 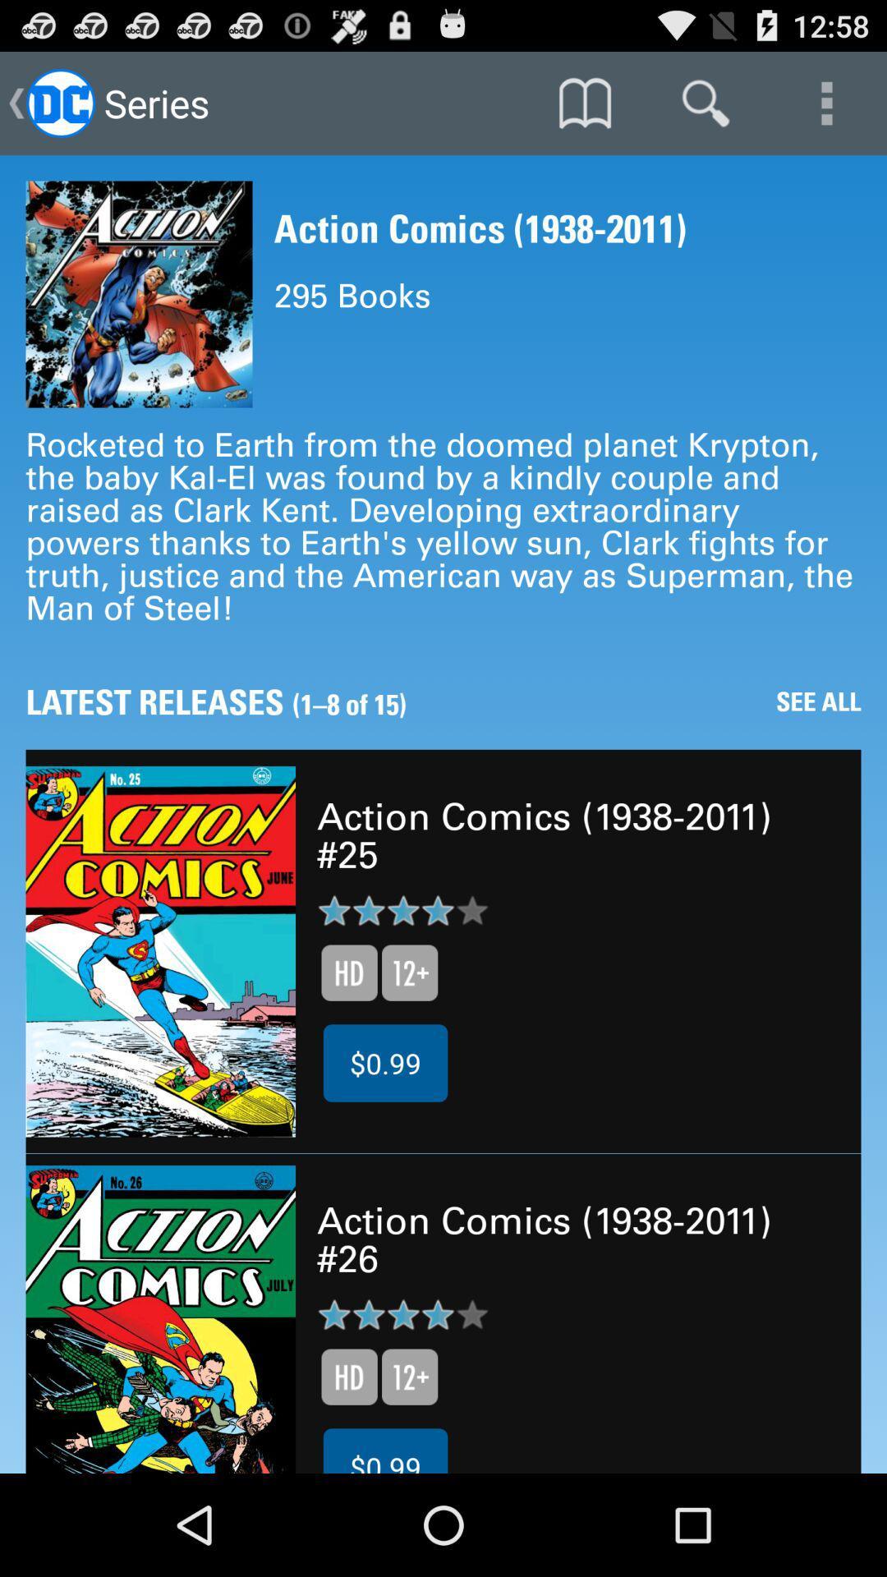 What do you see at coordinates (59, 102) in the screenshot?
I see `the icon which is left side of the series at top left side of the page` at bounding box center [59, 102].